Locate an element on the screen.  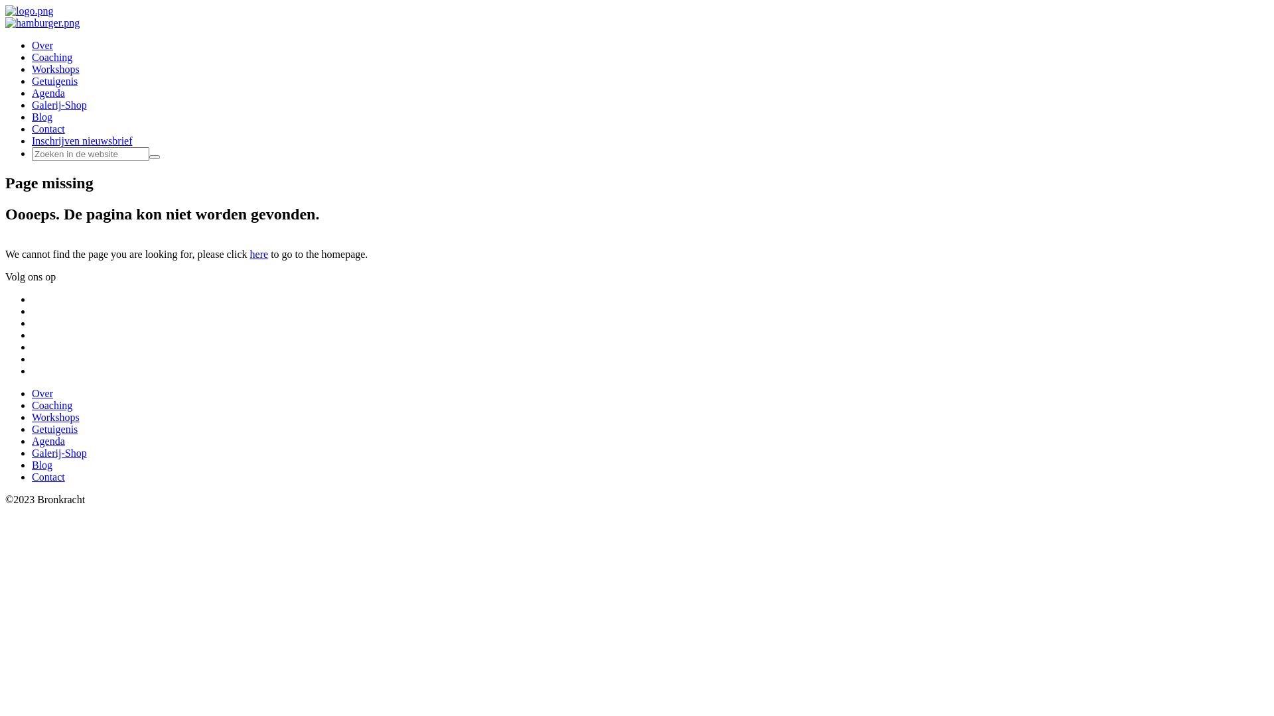
'Over' is located at coordinates (32, 392).